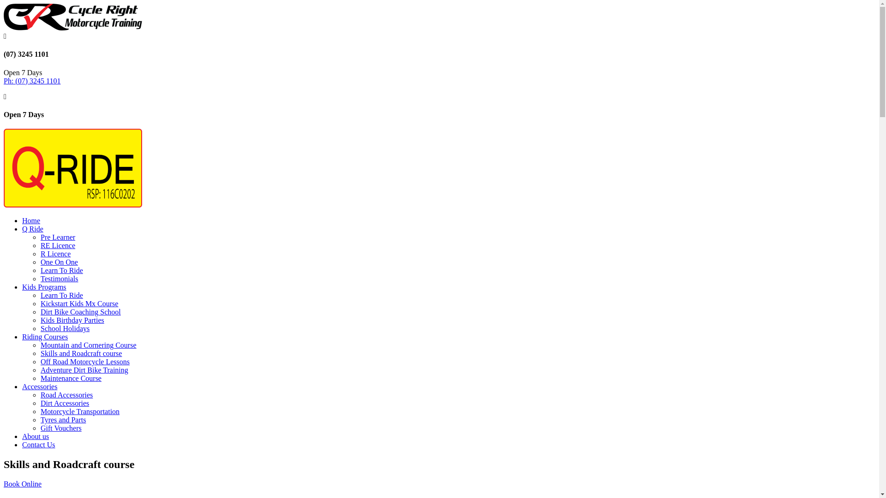 The image size is (886, 498). Describe the element at coordinates (40, 303) in the screenshot. I see `'Kickstart Kids Mx Course'` at that location.